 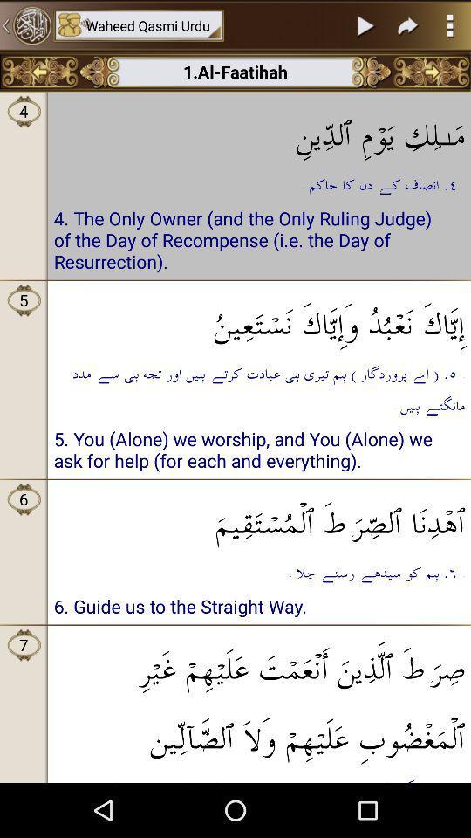 What do you see at coordinates (408, 24) in the screenshot?
I see `go next` at bounding box center [408, 24].